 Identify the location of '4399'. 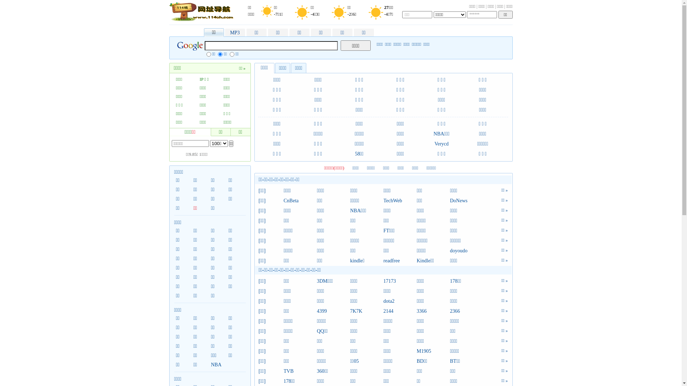
(317, 311).